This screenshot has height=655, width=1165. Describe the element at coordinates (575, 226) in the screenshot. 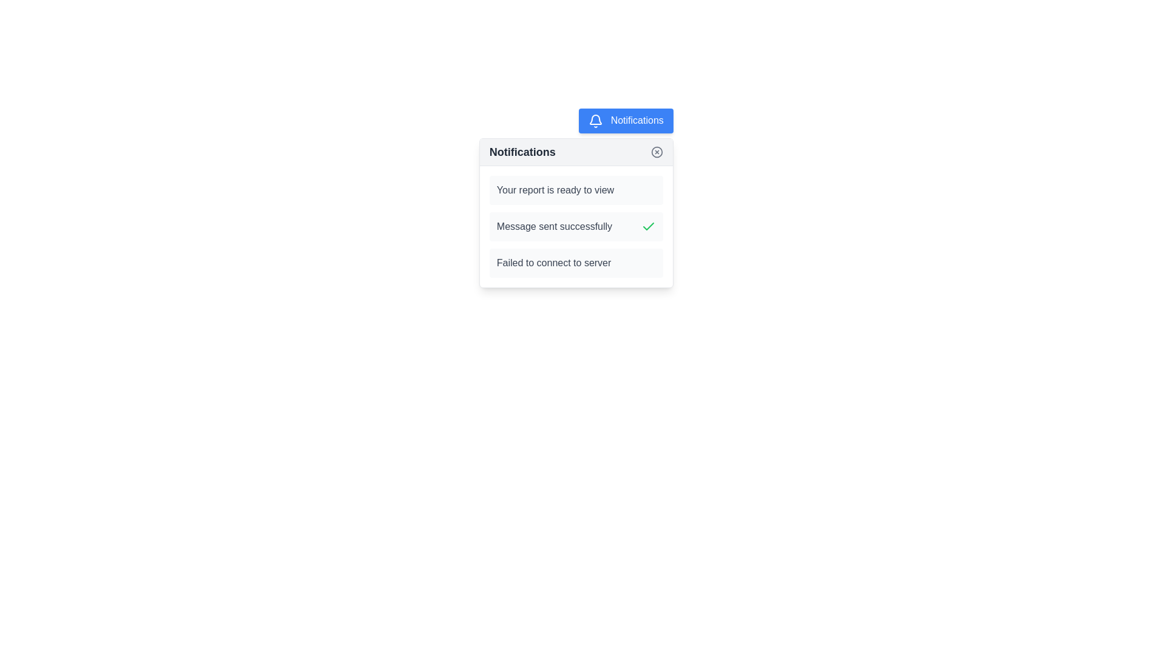

I see `the second notification message that indicates a successful message transmission, positioned between 'Your report is ready` at that location.